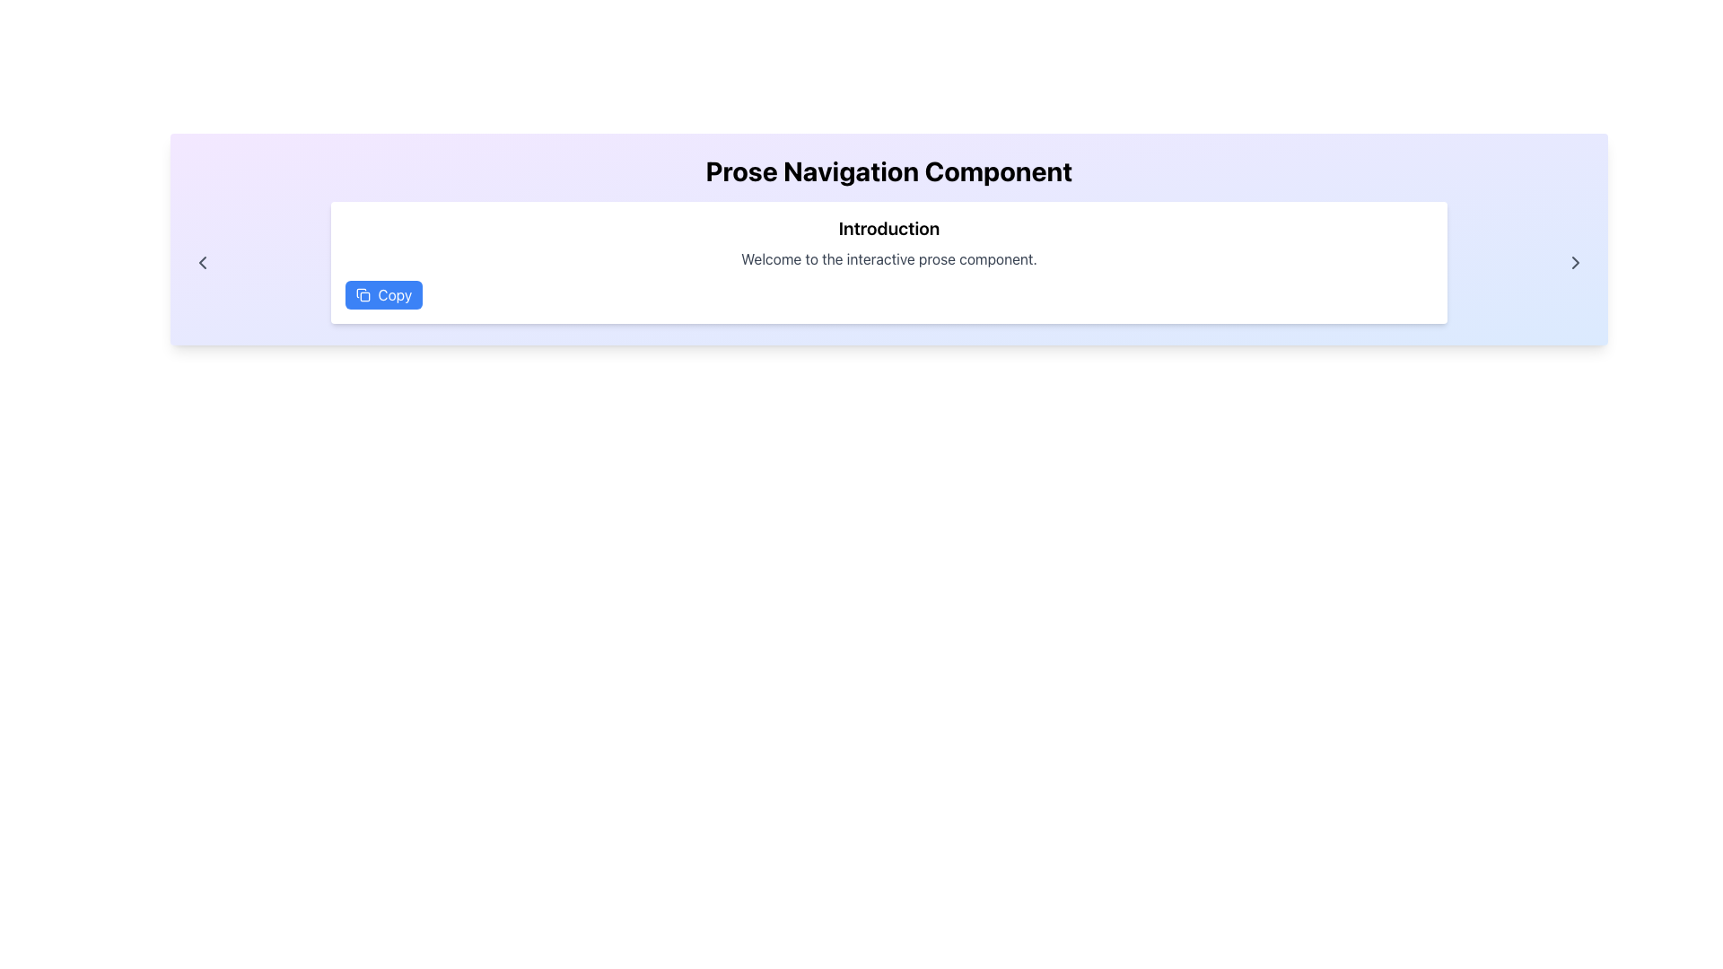 The width and height of the screenshot is (1723, 969). I want to click on the right-pointing chevron icon located on the far right of the header section within the Prose Navigation Component, so click(1575, 263).